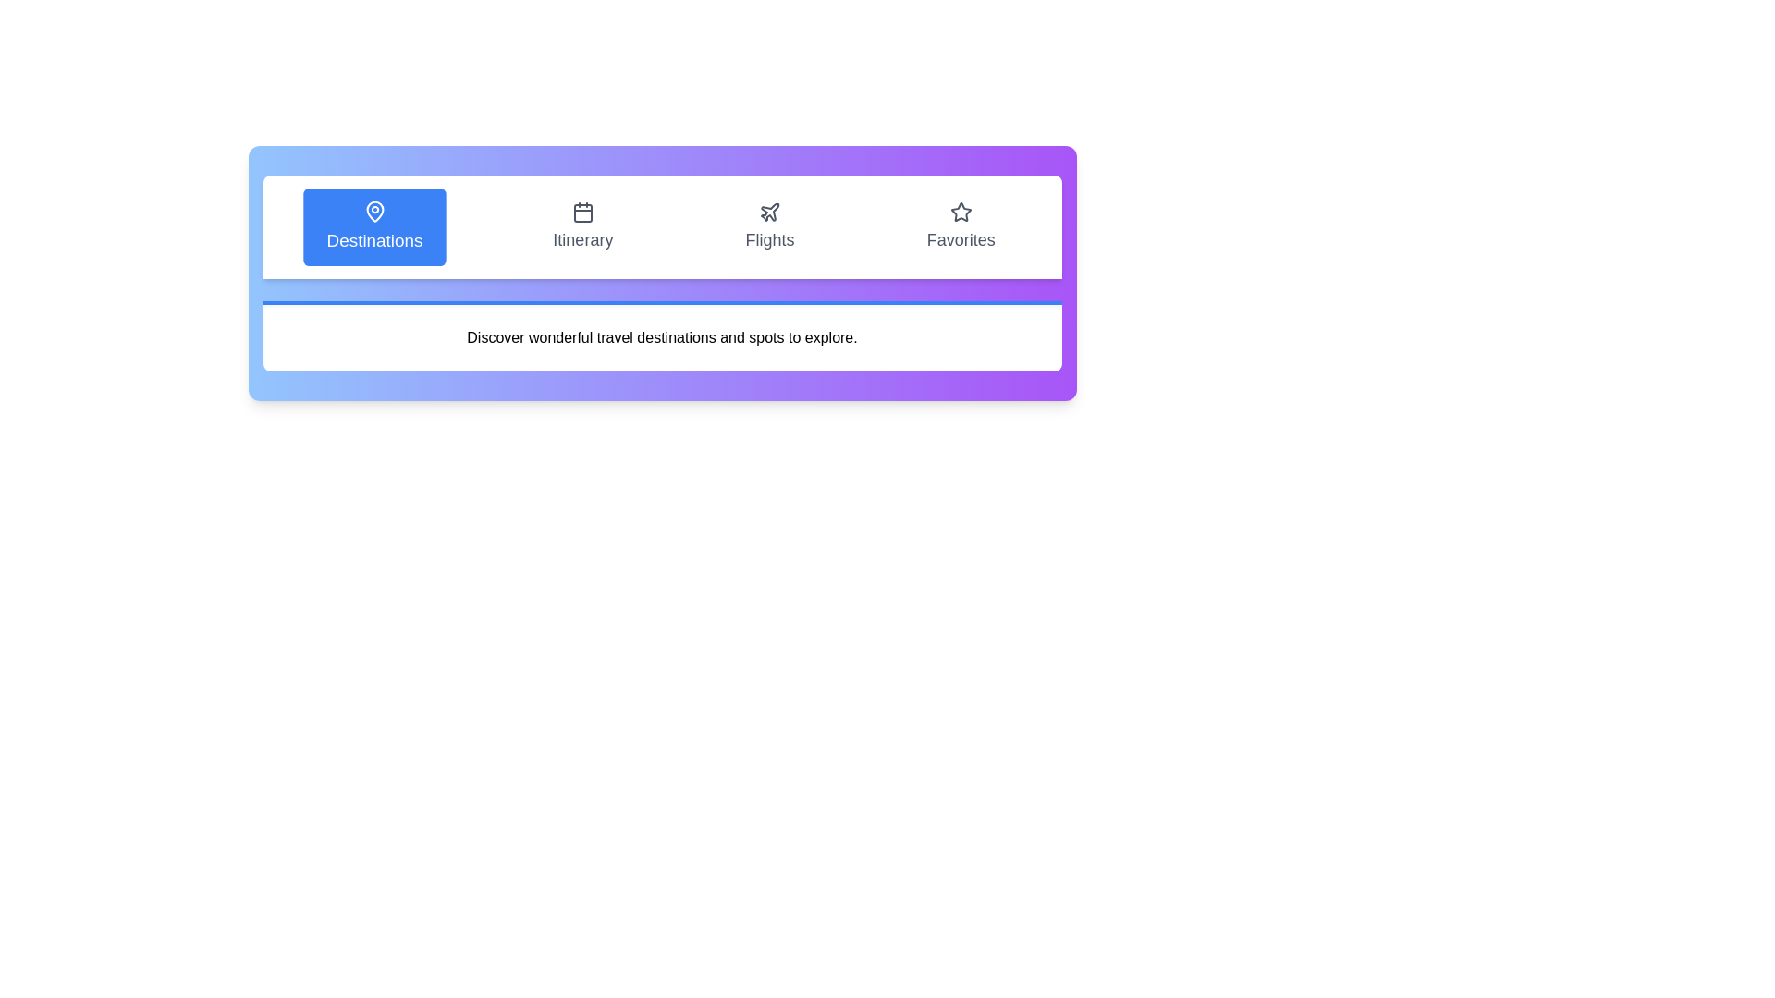  I want to click on the tab labeled Flights, so click(770, 226).